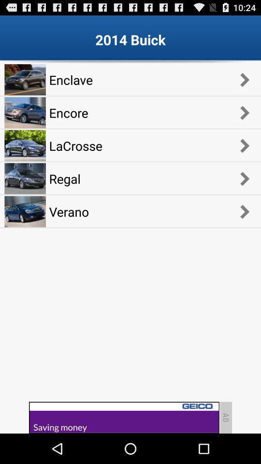 This screenshot has width=261, height=464. What do you see at coordinates (25, 145) in the screenshot?
I see `the image beside lacrosse` at bounding box center [25, 145].